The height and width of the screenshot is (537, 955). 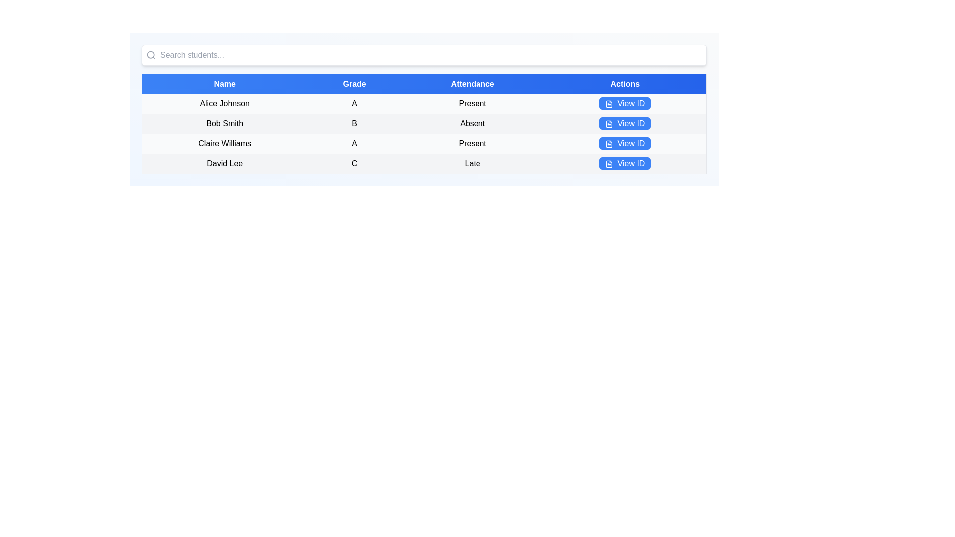 What do you see at coordinates (624, 143) in the screenshot?
I see `the action button for 'Claire Williams' located in the 'Actions' column` at bounding box center [624, 143].